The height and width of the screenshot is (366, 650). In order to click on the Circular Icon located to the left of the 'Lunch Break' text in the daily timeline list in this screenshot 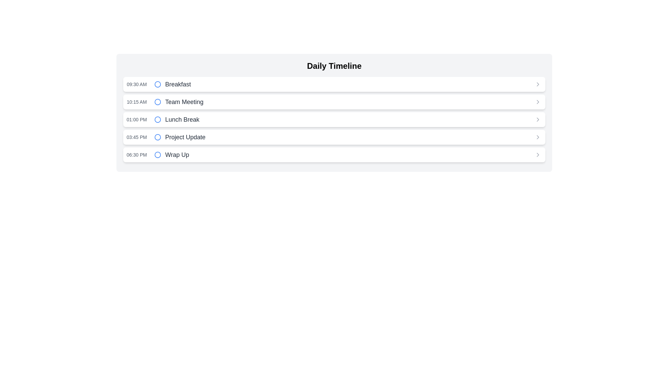, I will do `click(157, 119)`.